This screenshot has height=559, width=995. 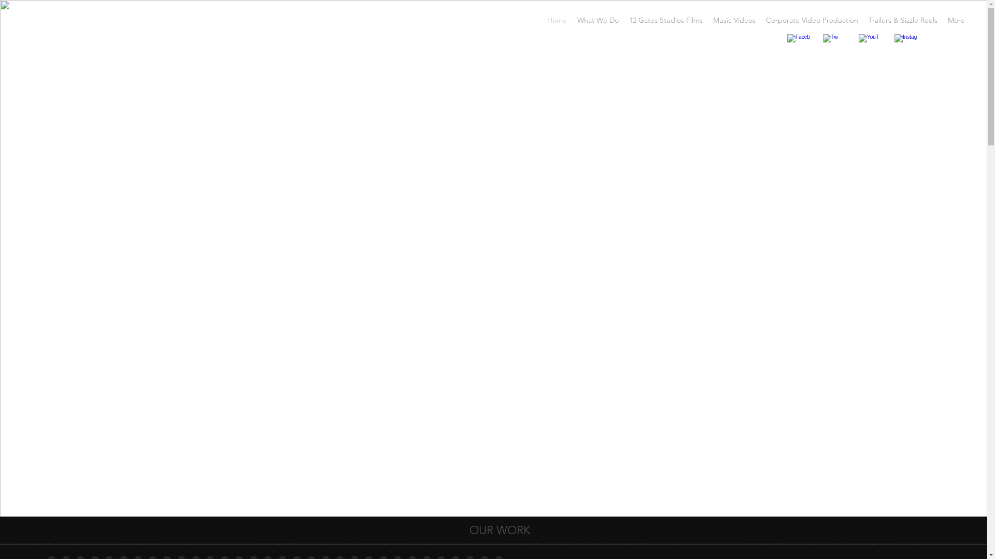 What do you see at coordinates (598, 20) in the screenshot?
I see `'What We Do'` at bounding box center [598, 20].